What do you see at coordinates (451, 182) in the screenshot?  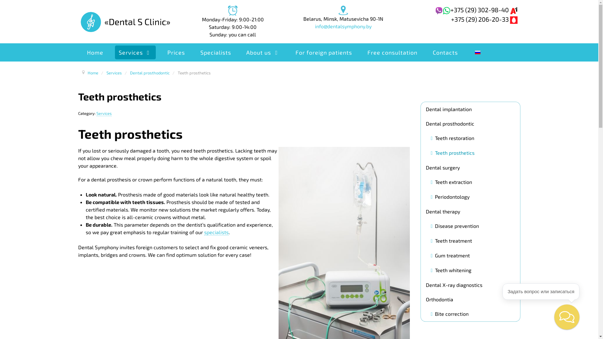 I see `'Teeth extraction'` at bounding box center [451, 182].